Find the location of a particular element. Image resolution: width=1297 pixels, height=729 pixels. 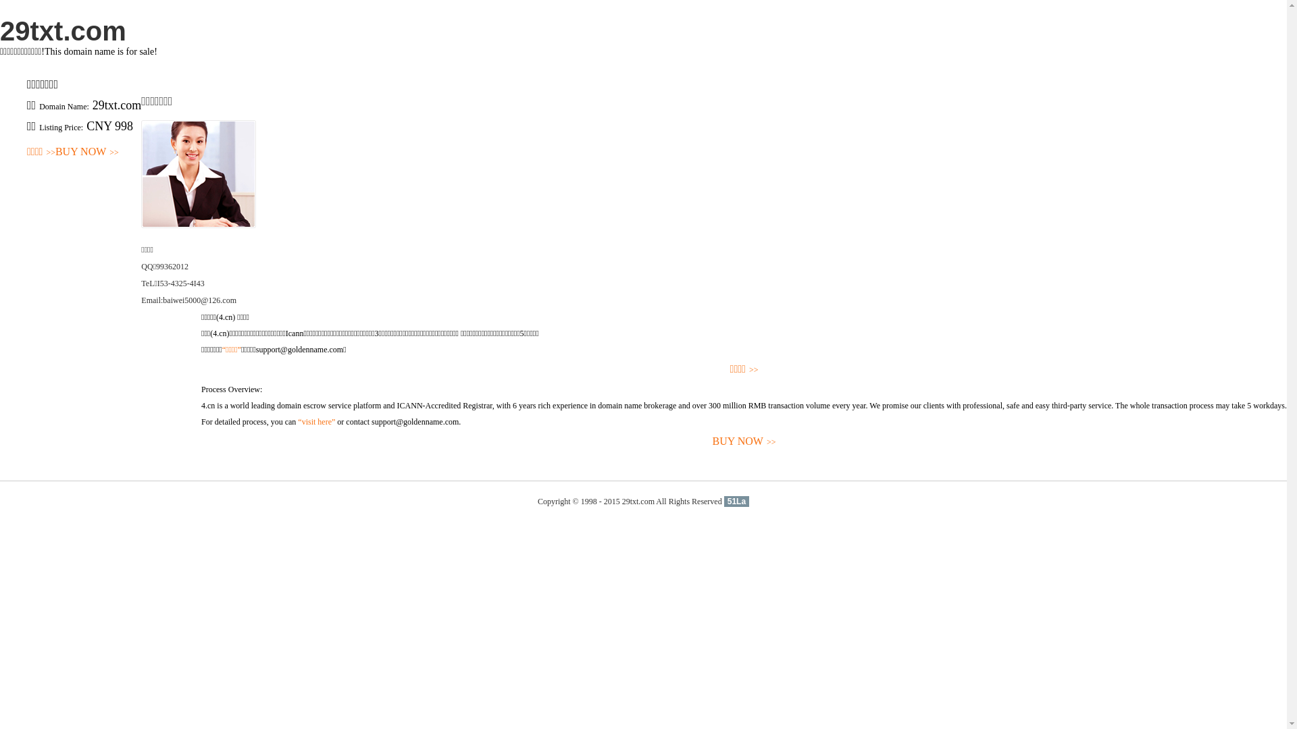

'BUY NOW>>' is located at coordinates (86, 152).